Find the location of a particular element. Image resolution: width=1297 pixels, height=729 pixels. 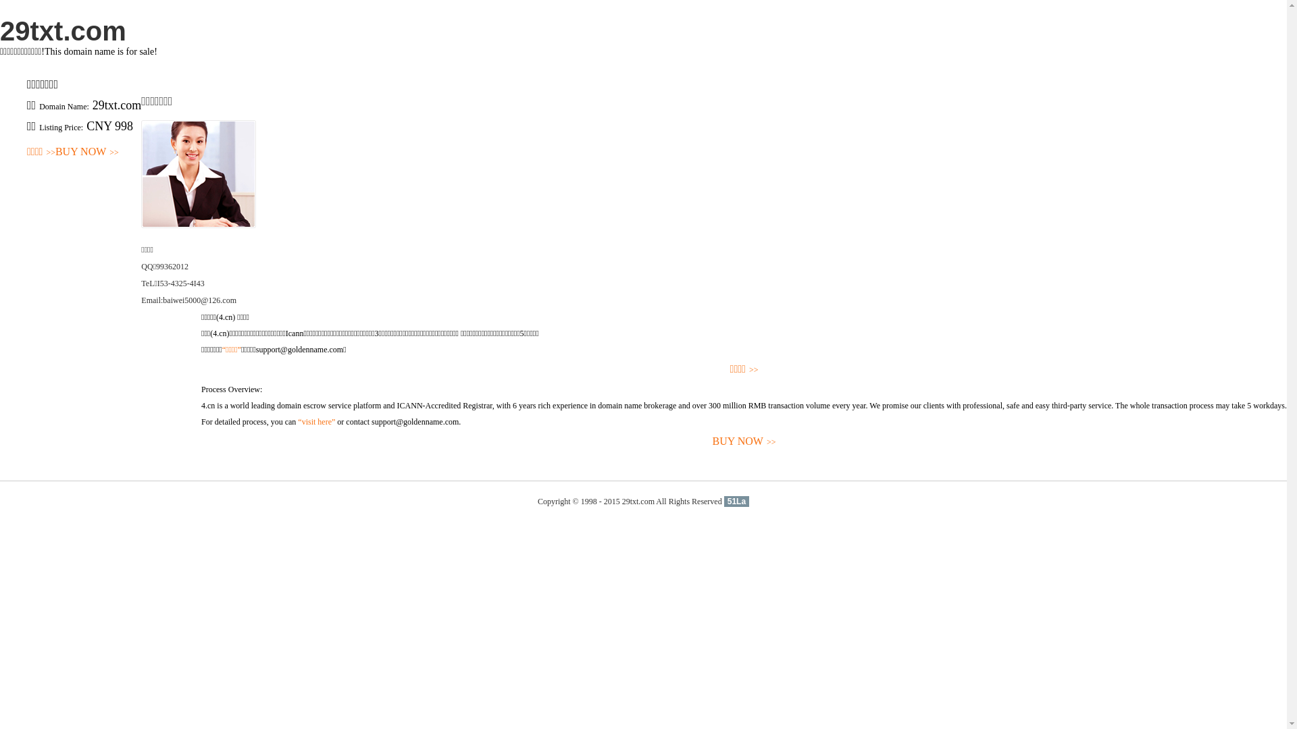

'BUY NOW>>' is located at coordinates (86, 152).